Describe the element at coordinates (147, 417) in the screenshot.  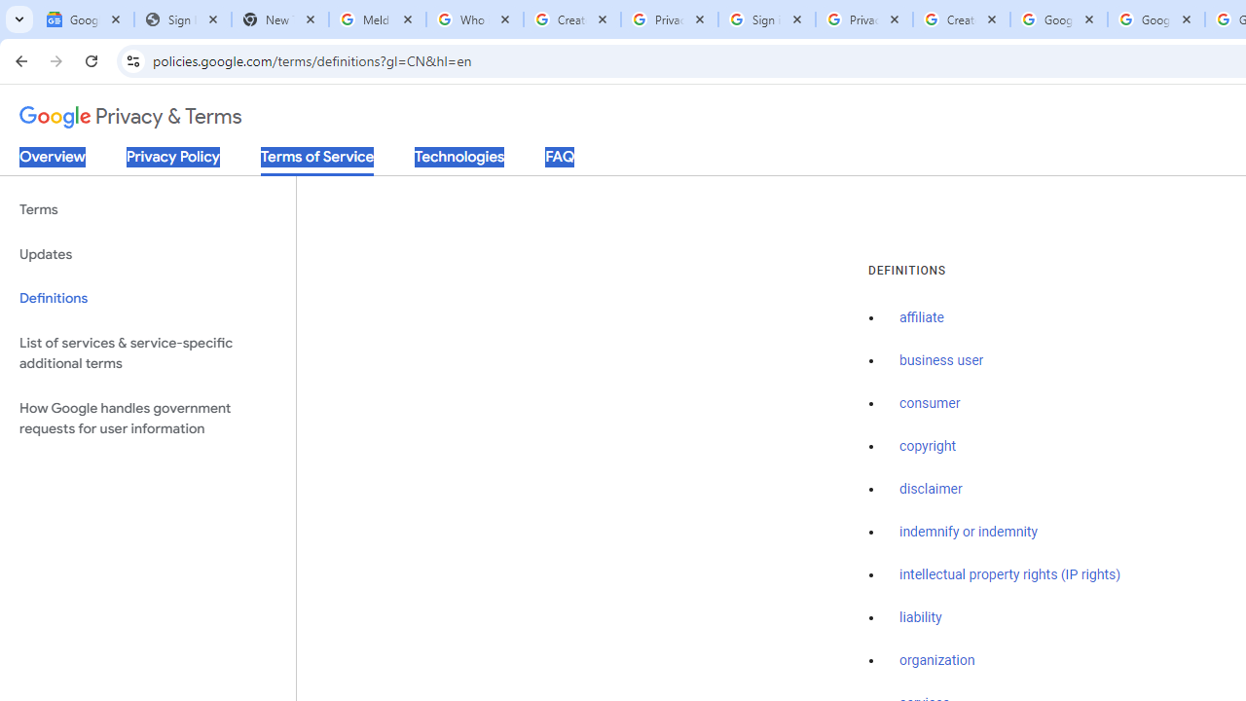
I see `'How Google handles government requests for user information'` at that location.